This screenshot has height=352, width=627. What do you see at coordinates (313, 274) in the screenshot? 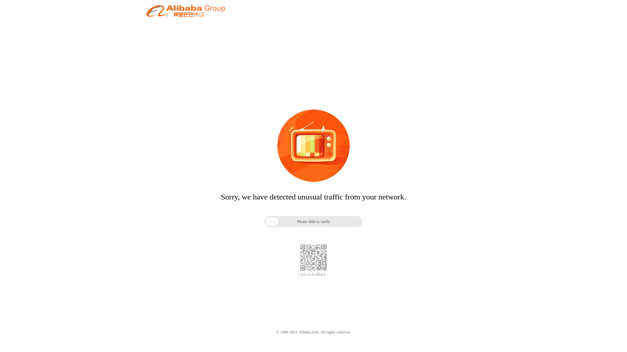
I see `'Click to feedback >'` at bounding box center [313, 274].